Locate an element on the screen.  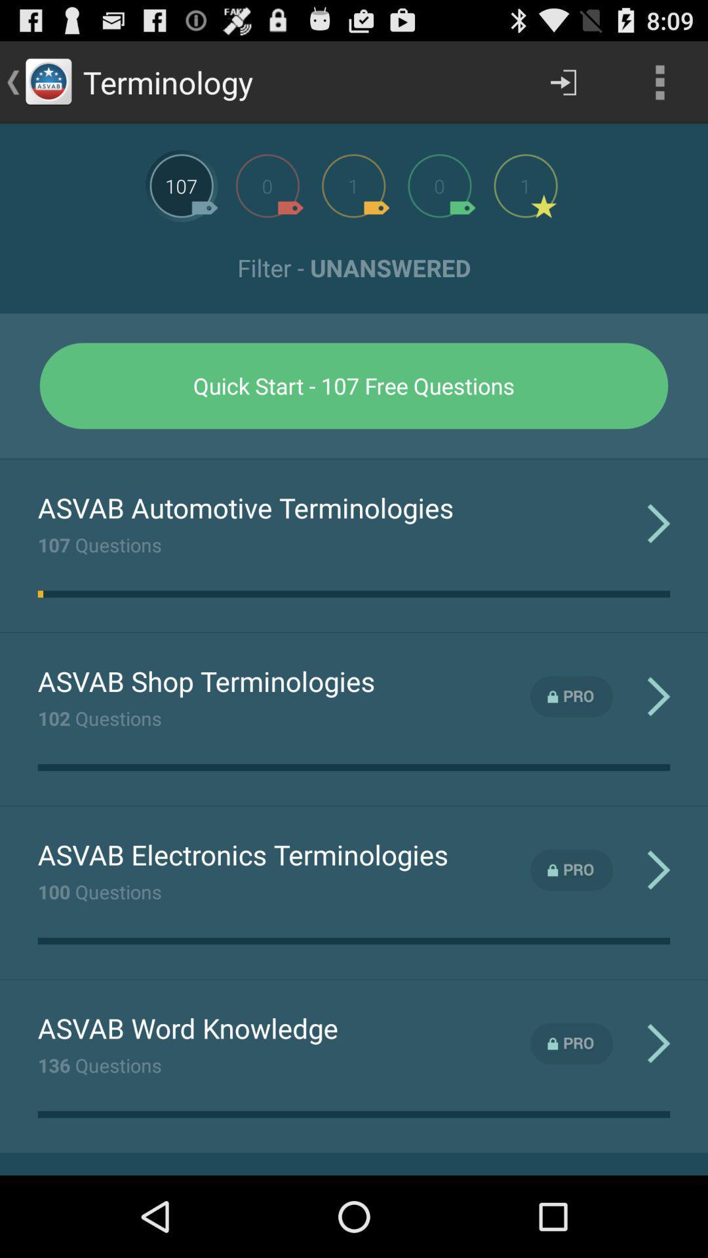
app above 136 questions item is located at coordinates (187, 1027).